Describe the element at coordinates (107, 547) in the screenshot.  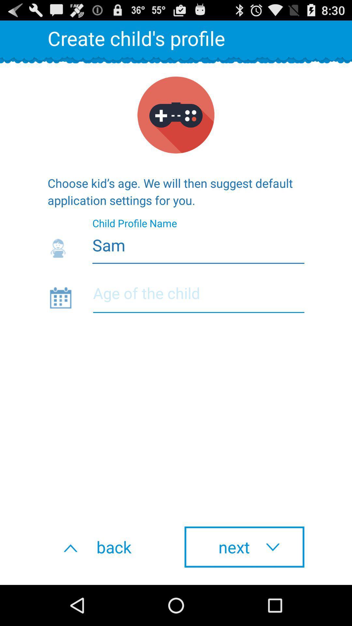
I see `icon at the bottom left corner` at that location.